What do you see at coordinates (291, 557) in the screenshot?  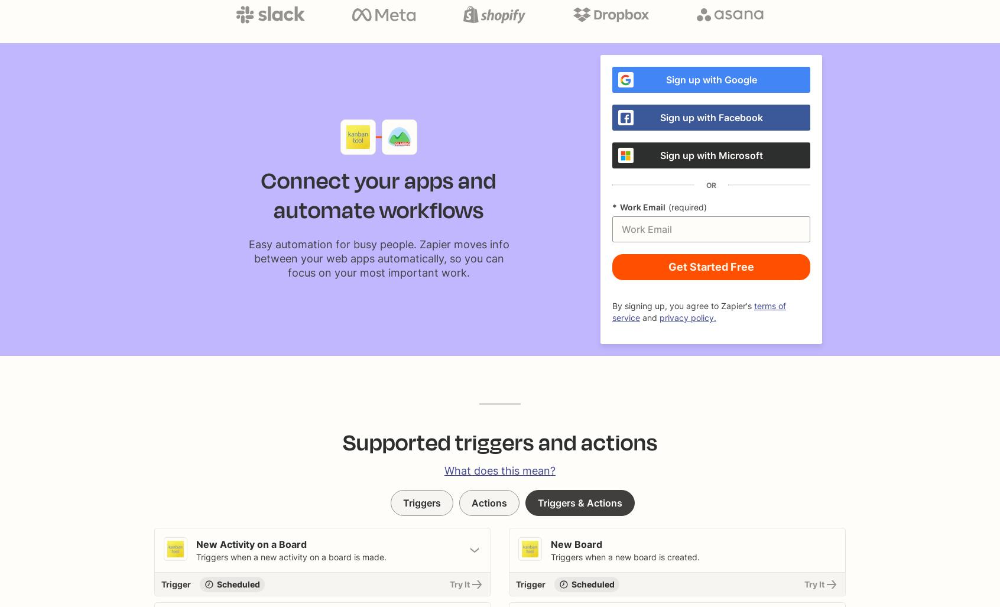 I see `'Triggers when a new activity on a board is made.'` at bounding box center [291, 557].